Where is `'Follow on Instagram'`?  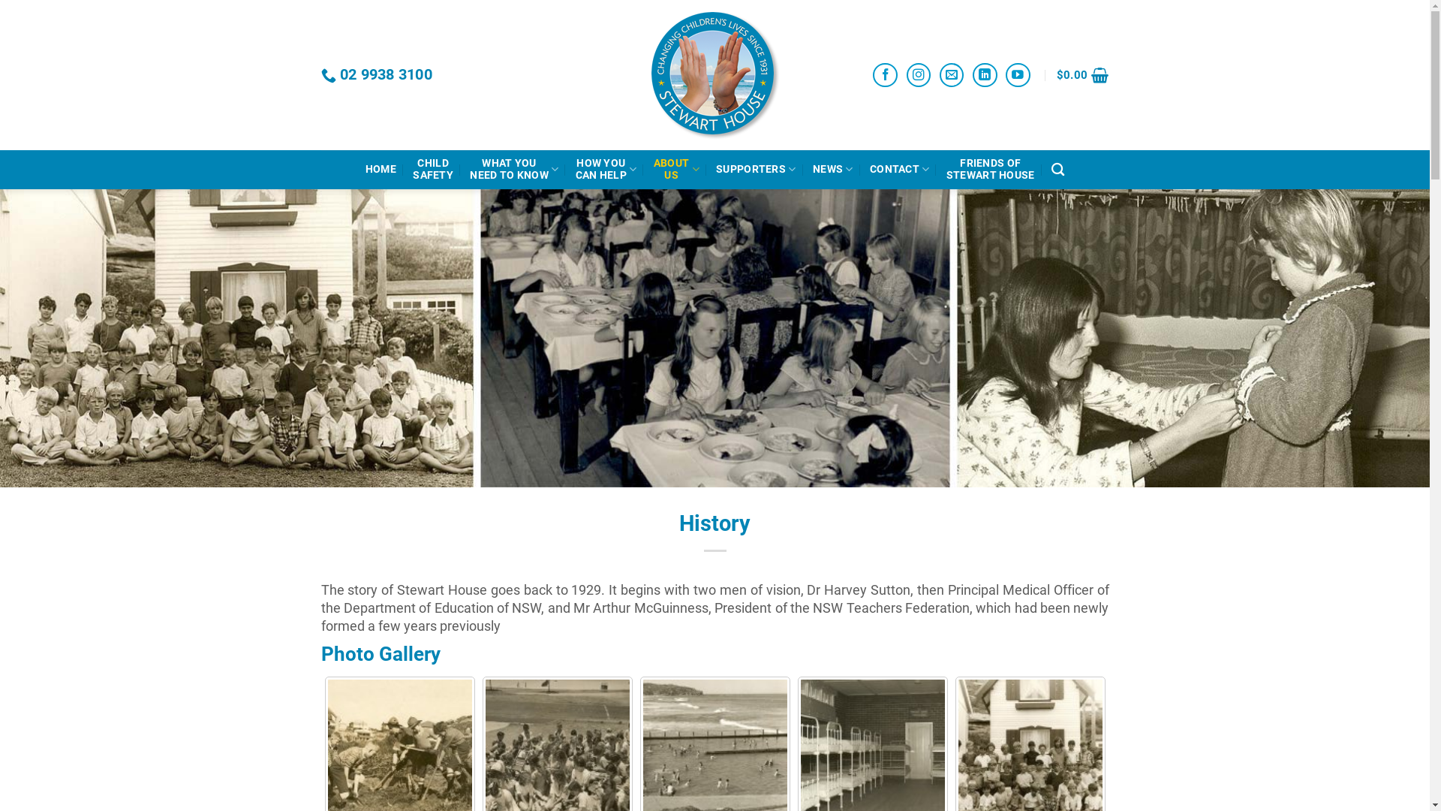 'Follow on Instagram' is located at coordinates (918, 75).